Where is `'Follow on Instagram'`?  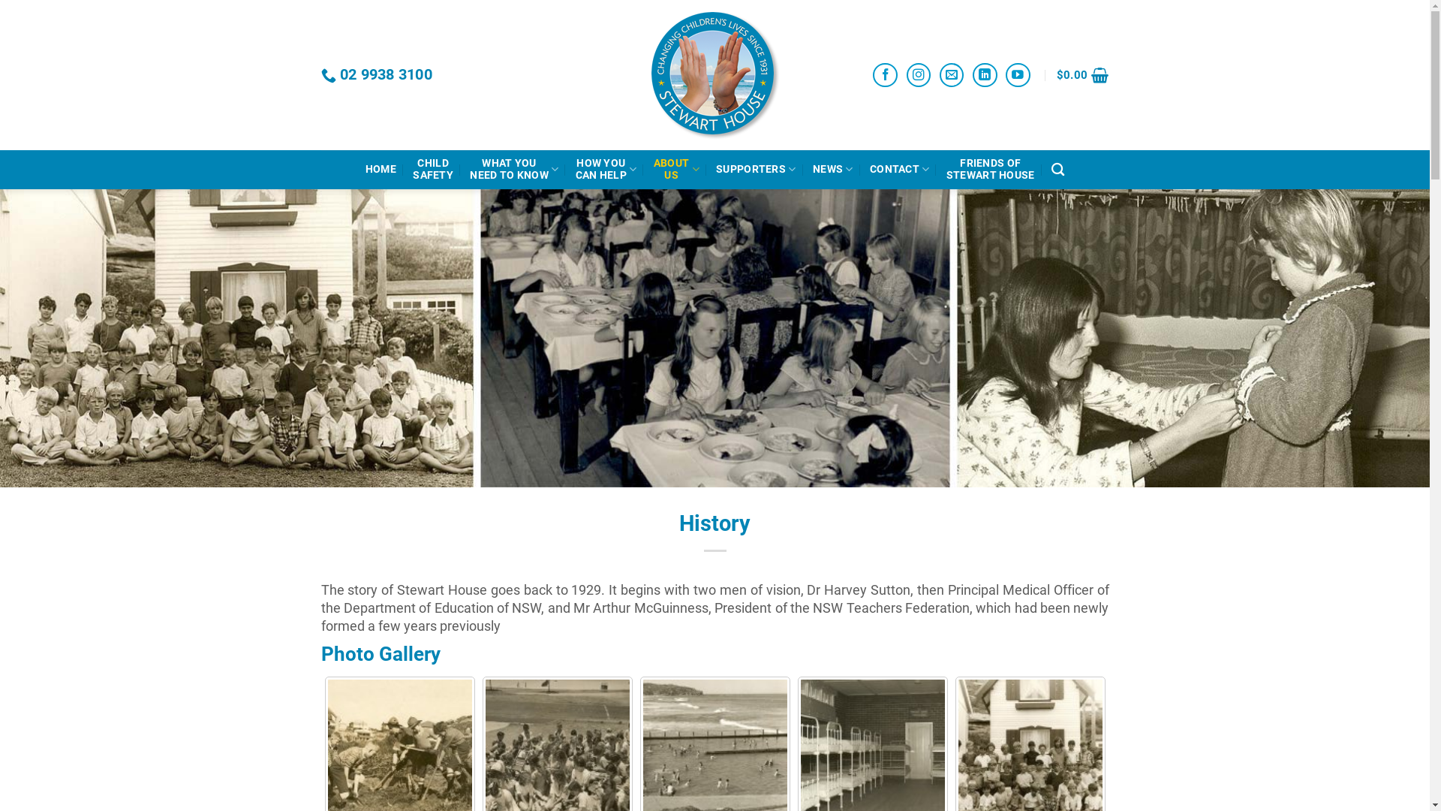 'Follow on Instagram' is located at coordinates (918, 75).